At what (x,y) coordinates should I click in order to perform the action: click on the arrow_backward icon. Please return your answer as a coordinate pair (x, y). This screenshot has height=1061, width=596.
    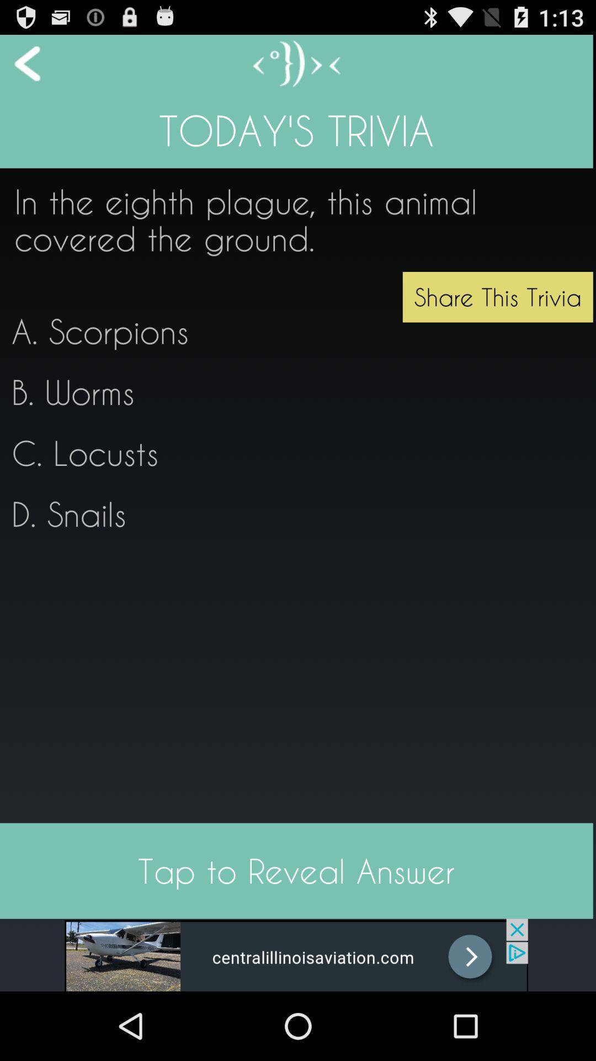
    Looking at the image, I should click on (20, 67).